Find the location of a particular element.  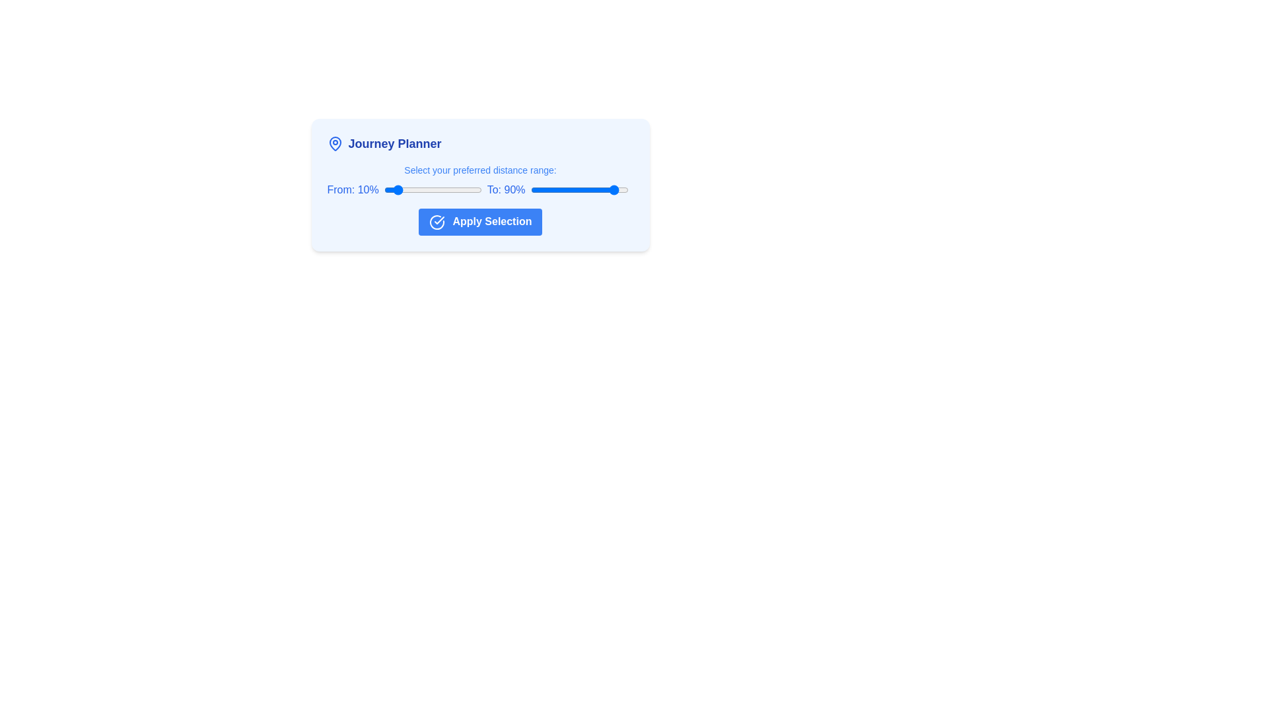

the slider value is located at coordinates (545, 190).